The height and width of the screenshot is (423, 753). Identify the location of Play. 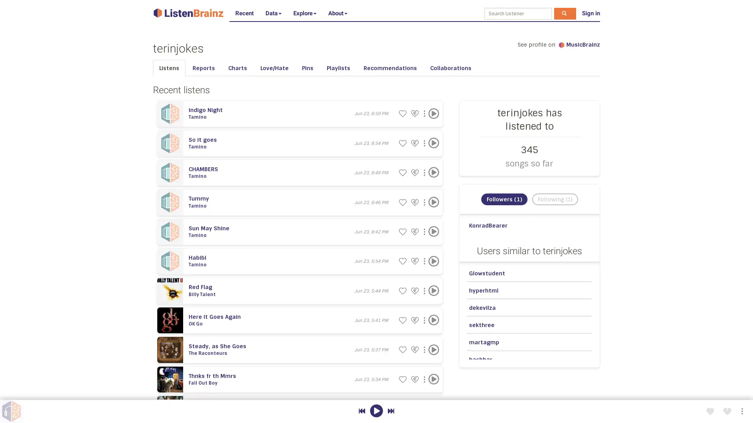
(433, 172).